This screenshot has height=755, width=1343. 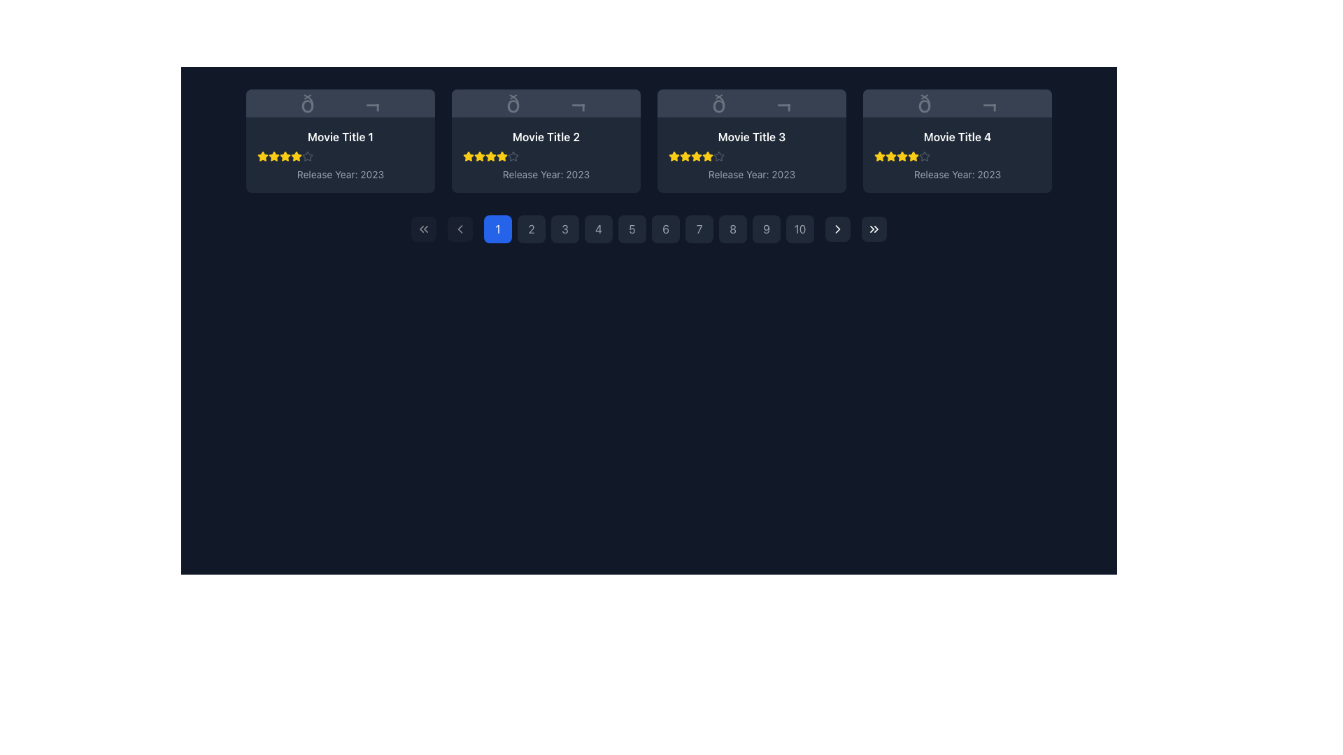 I want to click on the text label displaying 'Movie Title 3', which is in bold white font on a dark background, located at the center of the third card in a horizontally aligned movie list, so click(x=751, y=137).